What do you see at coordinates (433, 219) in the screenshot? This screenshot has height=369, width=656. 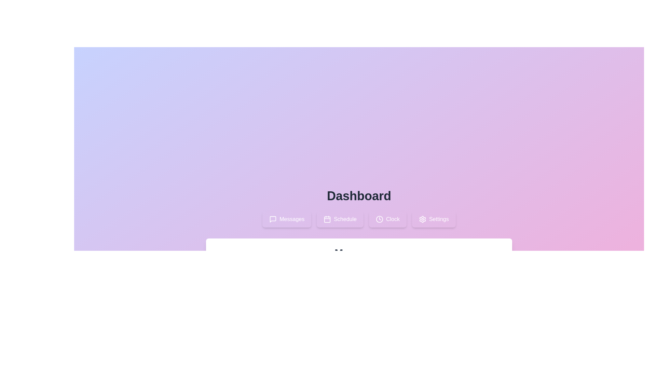 I see `the tab labeled Settings to observe its hover effect` at bounding box center [433, 219].